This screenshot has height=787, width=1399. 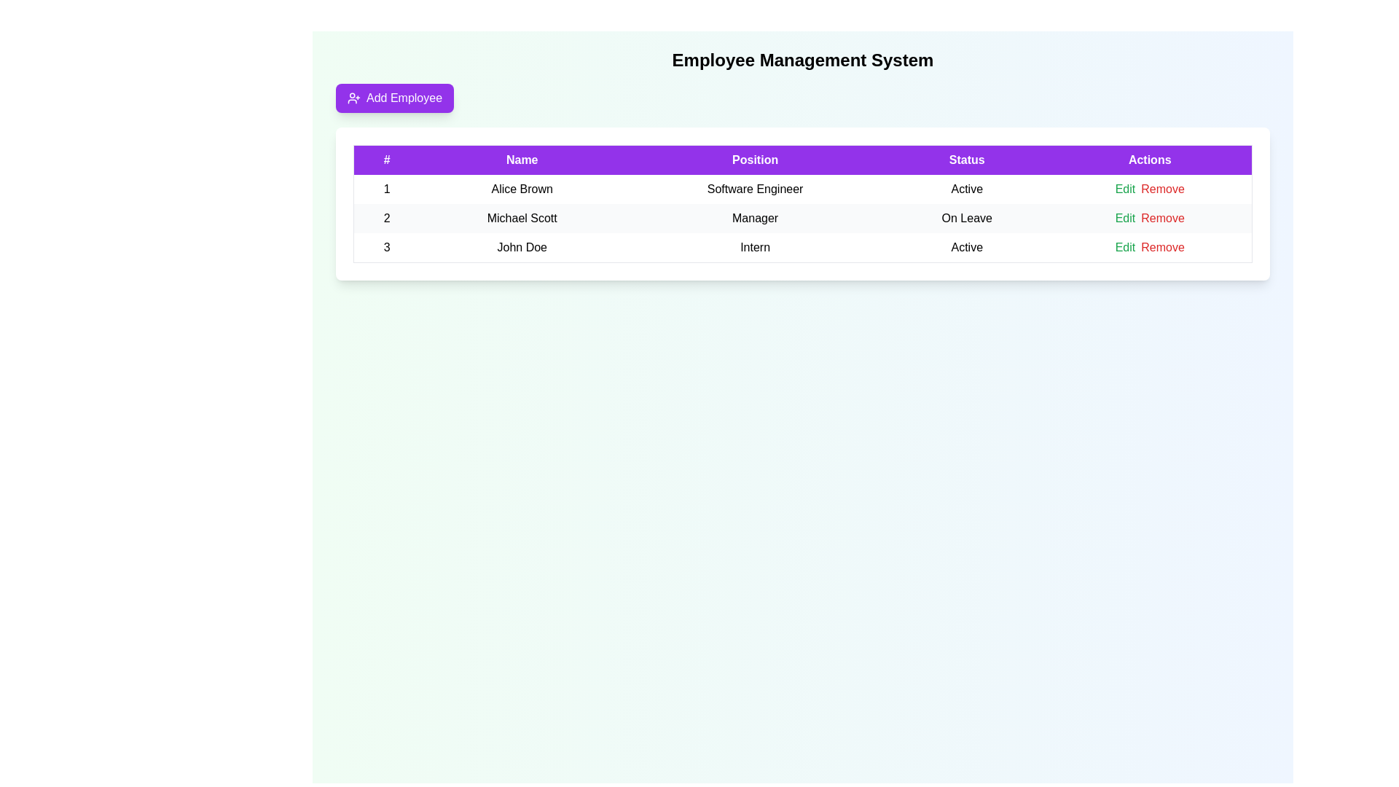 I want to click on the Text element representing Alice Brown's job title in the employee data table, located in the 'Position' column, so click(x=755, y=188).